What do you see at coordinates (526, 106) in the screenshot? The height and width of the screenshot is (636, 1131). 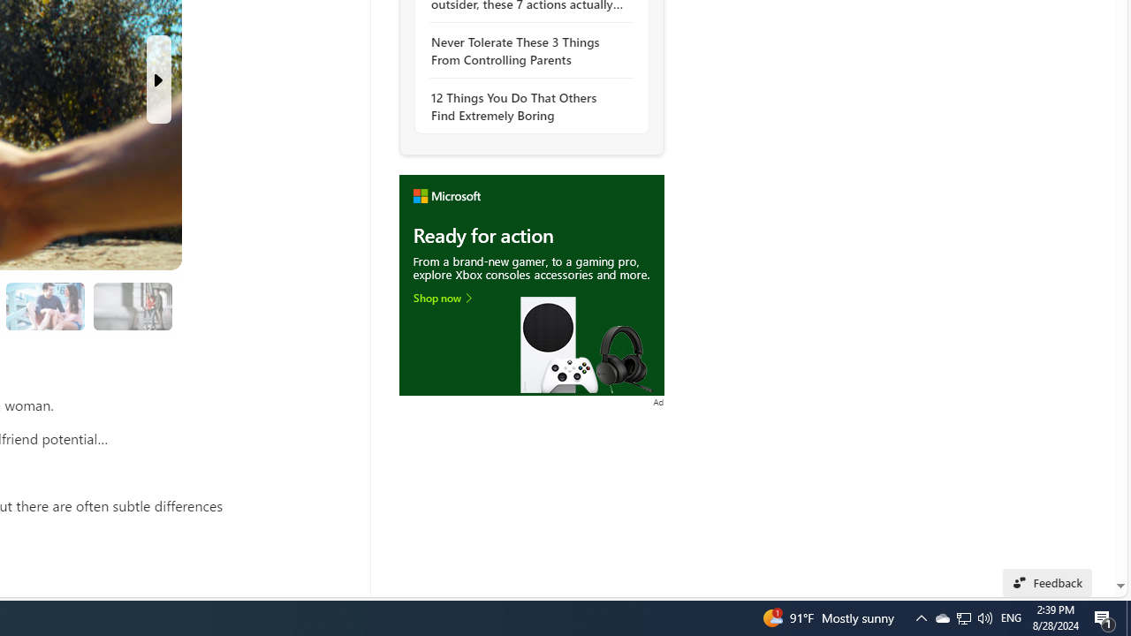 I see `'12 Things You Do That Others Find Extremely Boring'` at bounding box center [526, 106].